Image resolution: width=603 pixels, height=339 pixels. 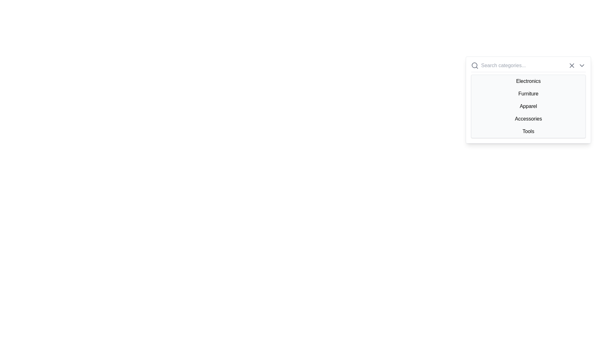 What do you see at coordinates (528, 106) in the screenshot?
I see `the 'Apparel' list item in the dropdown menu for accessibility navigation` at bounding box center [528, 106].